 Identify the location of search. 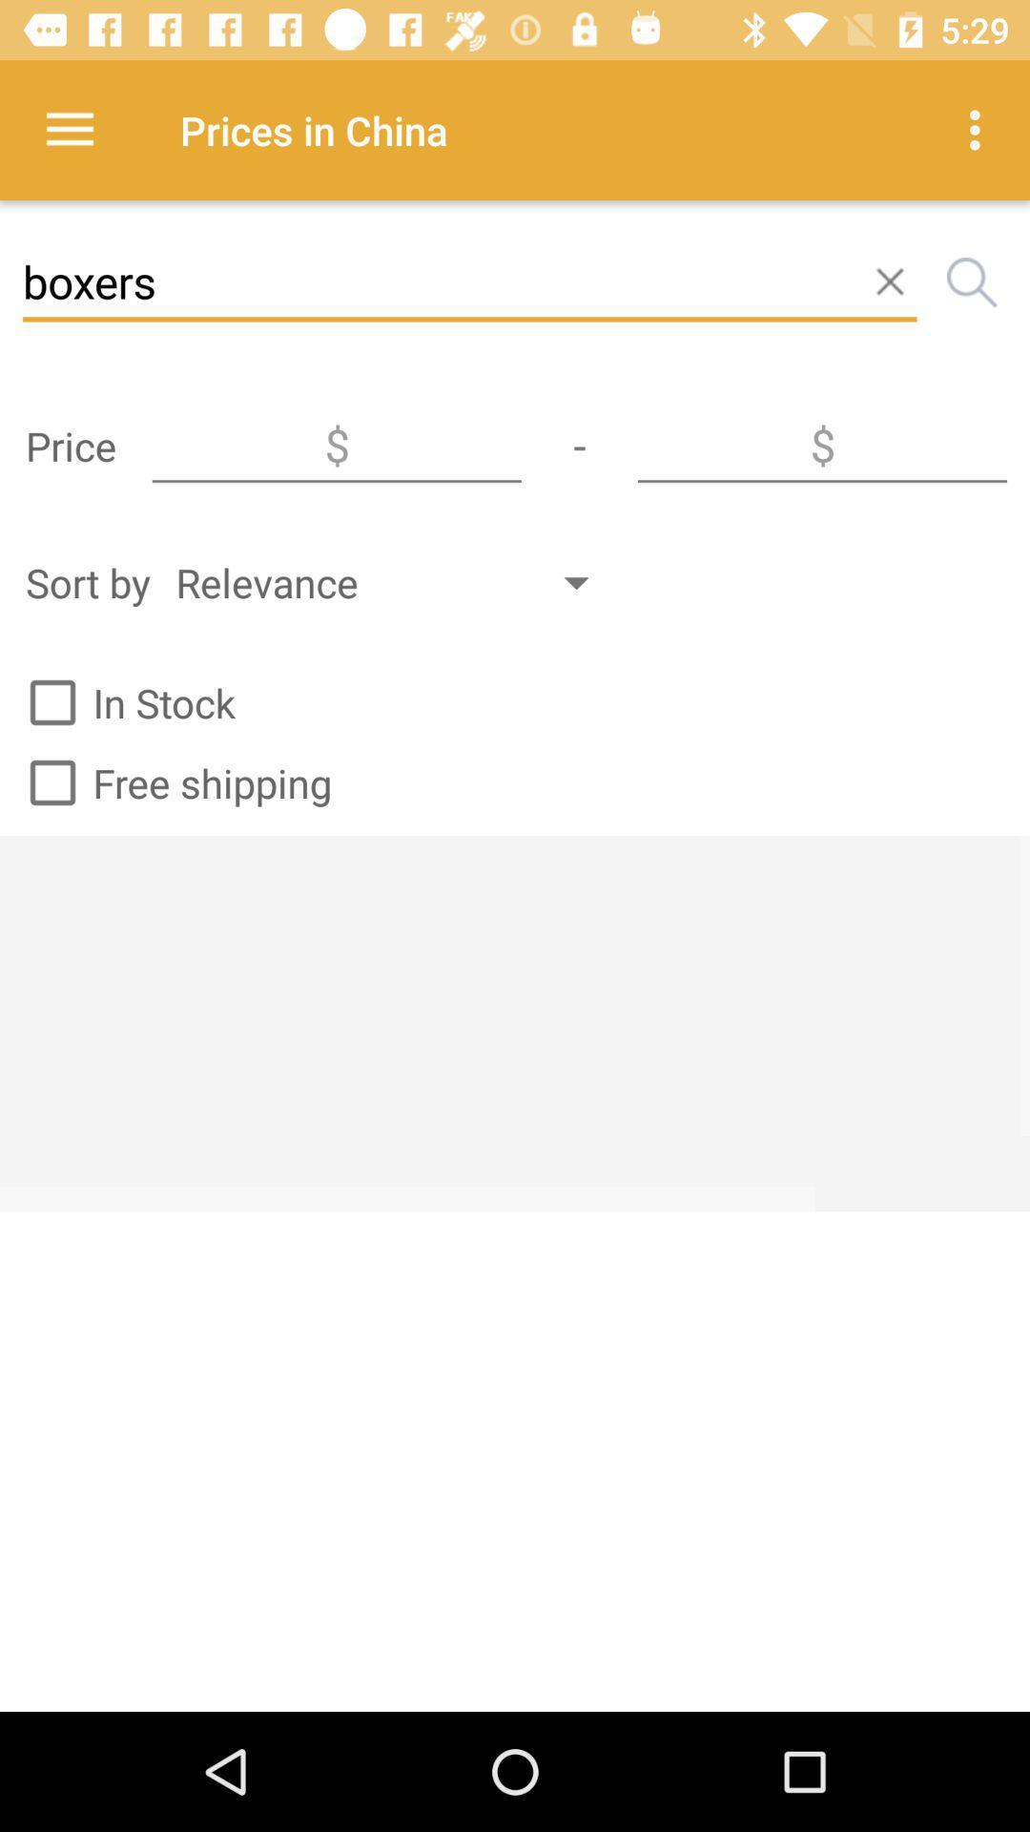
(972, 281).